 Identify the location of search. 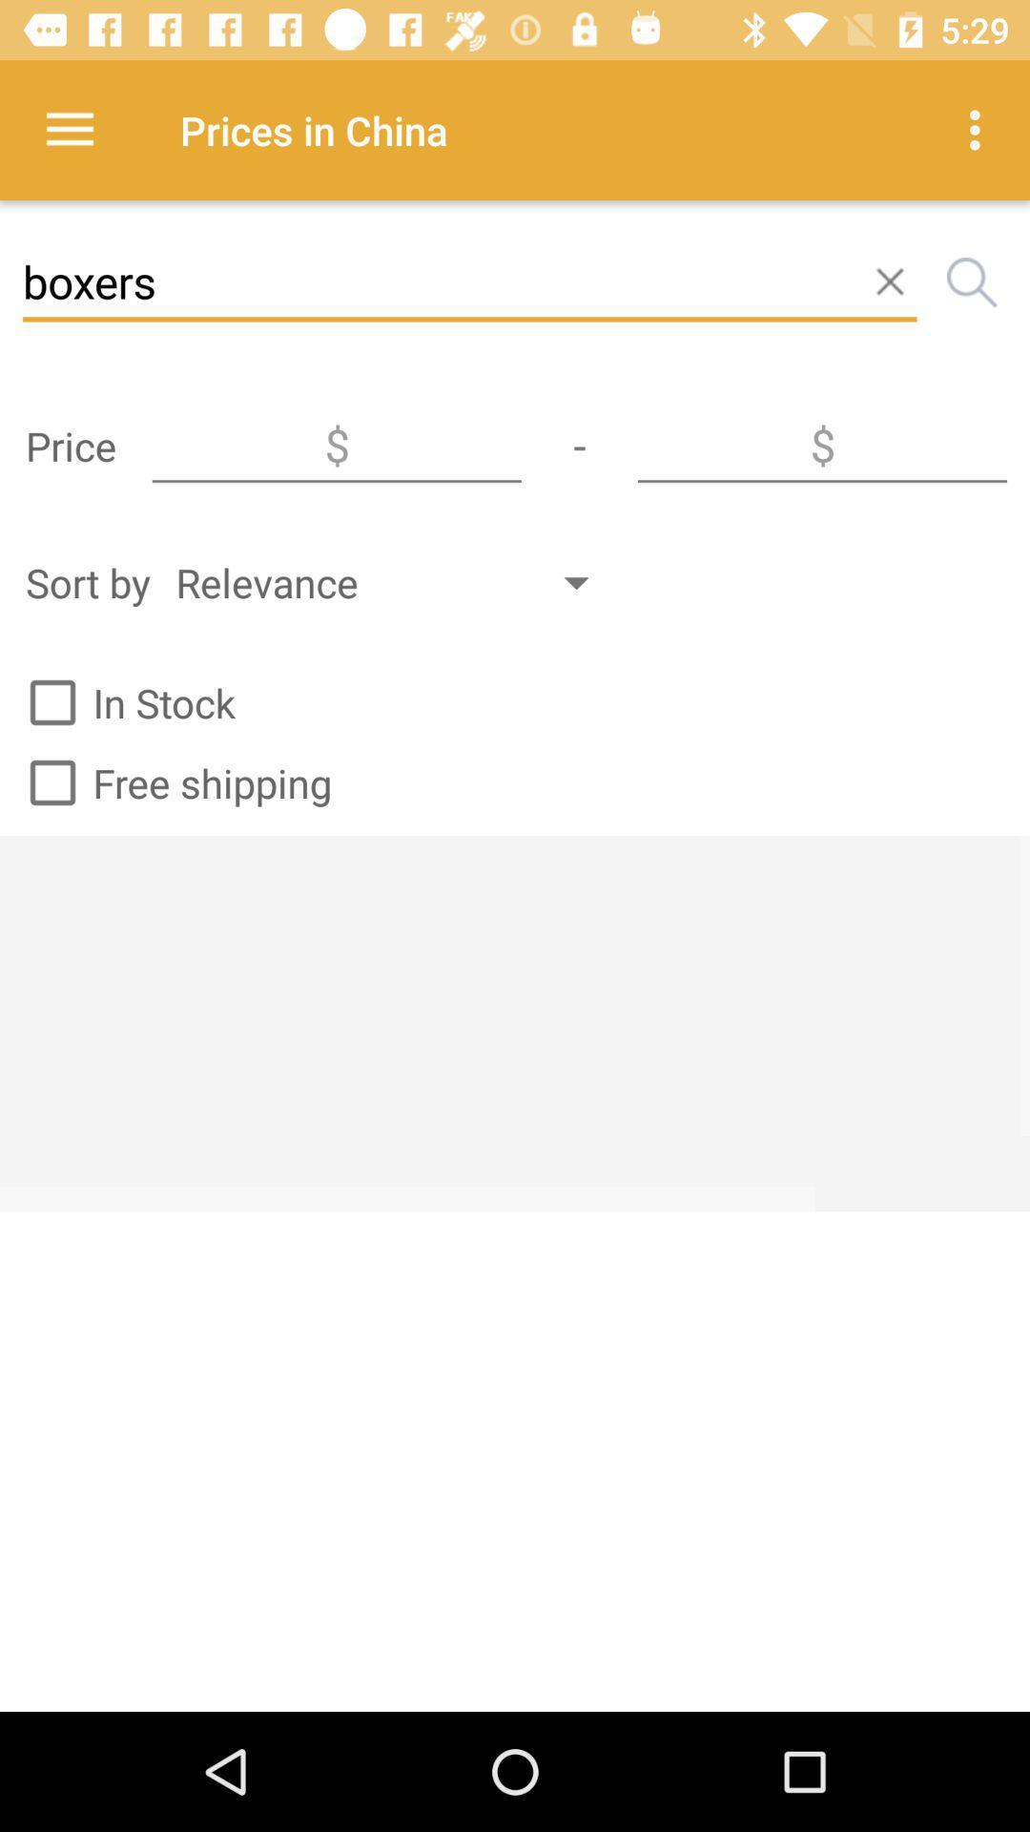
(972, 281).